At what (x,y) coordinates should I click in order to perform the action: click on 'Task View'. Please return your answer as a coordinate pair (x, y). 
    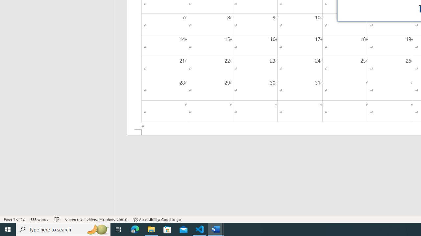
    Looking at the image, I should click on (118, 229).